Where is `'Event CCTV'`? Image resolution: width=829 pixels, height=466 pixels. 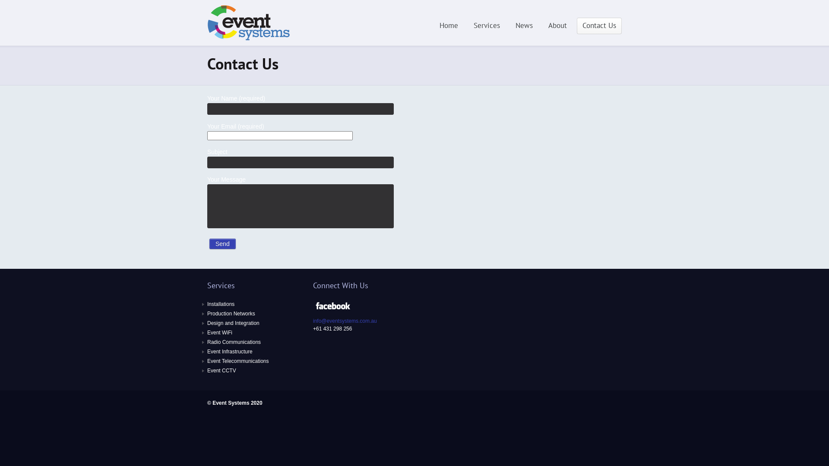 'Event CCTV' is located at coordinates (221, 370).